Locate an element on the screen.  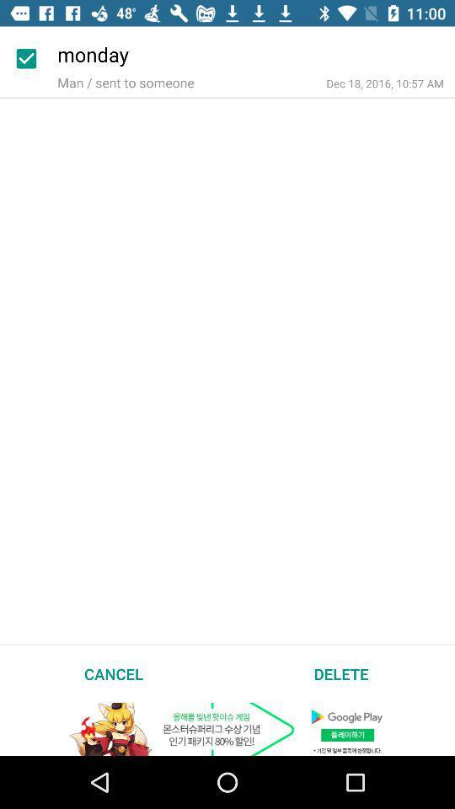
the dec 18 2016 icon is located at coordinates (385, 83).